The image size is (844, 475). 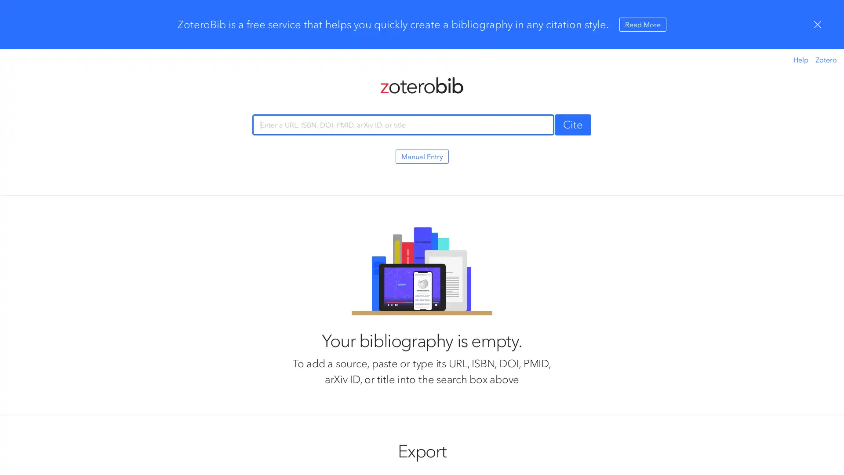 What do you see at coordinates (573, 125) in the screenshot?
I see `Cite` at bounding box center [573, 125].